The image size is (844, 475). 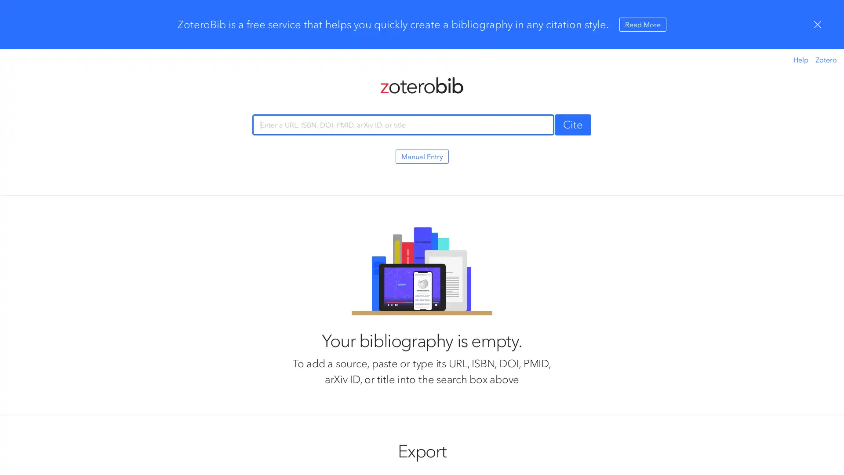 What do you see at coordinates (573, 125) in the screenshot?
I see `Cite` at bounding box center [573, 125].